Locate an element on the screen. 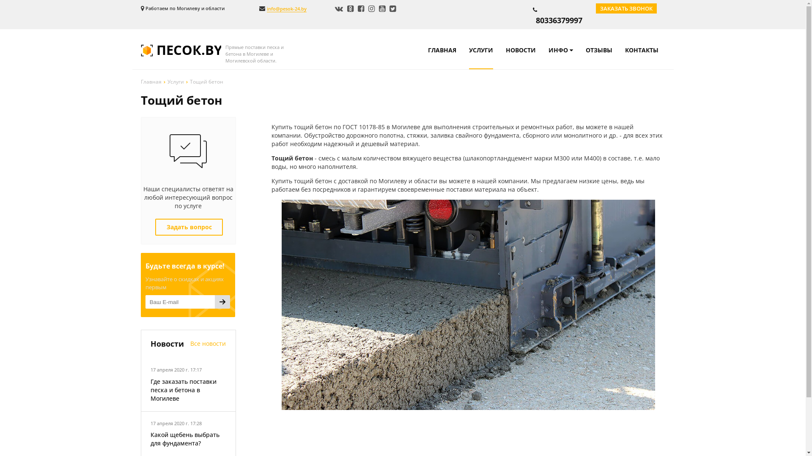 The image size is (812, 456). 'info@pesok-24.by' is located at coordinates (266, 8).